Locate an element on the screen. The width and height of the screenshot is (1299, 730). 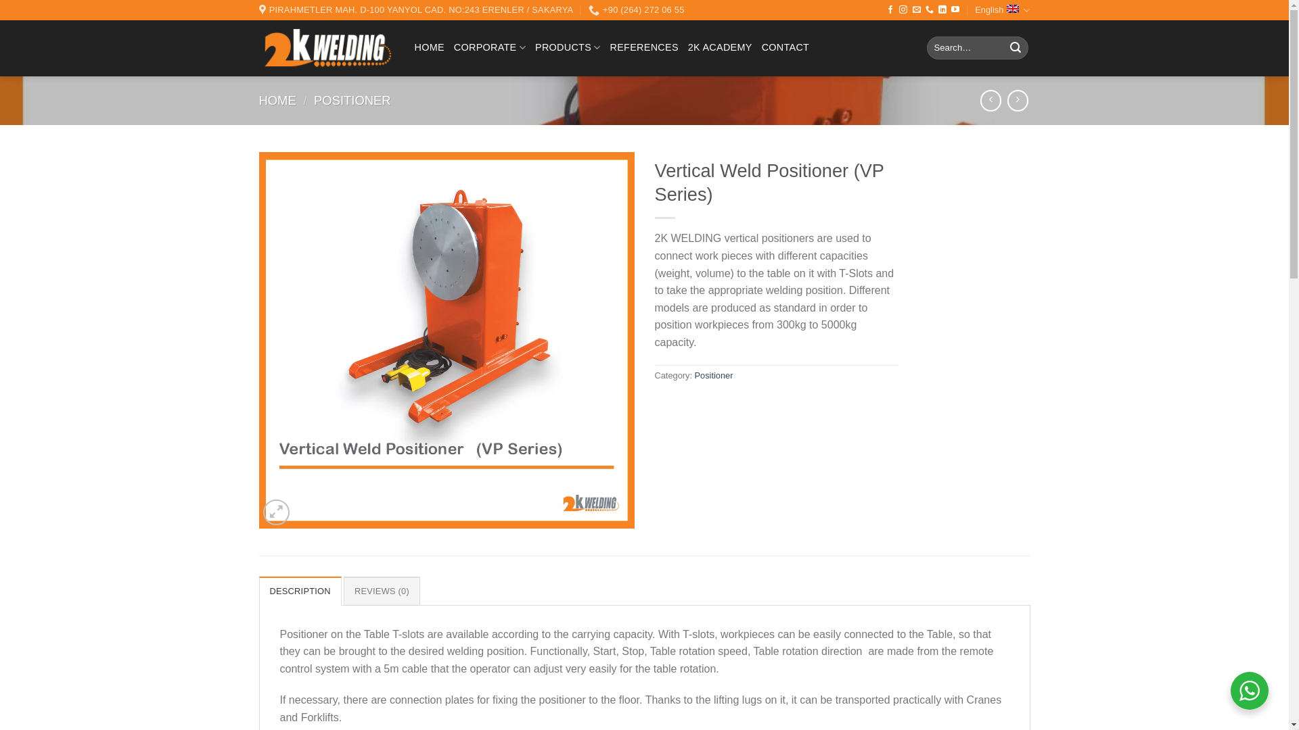
'Vertical-Weld-Positioner-(VP-Series)-EN' is located at coordinates (446, 340).